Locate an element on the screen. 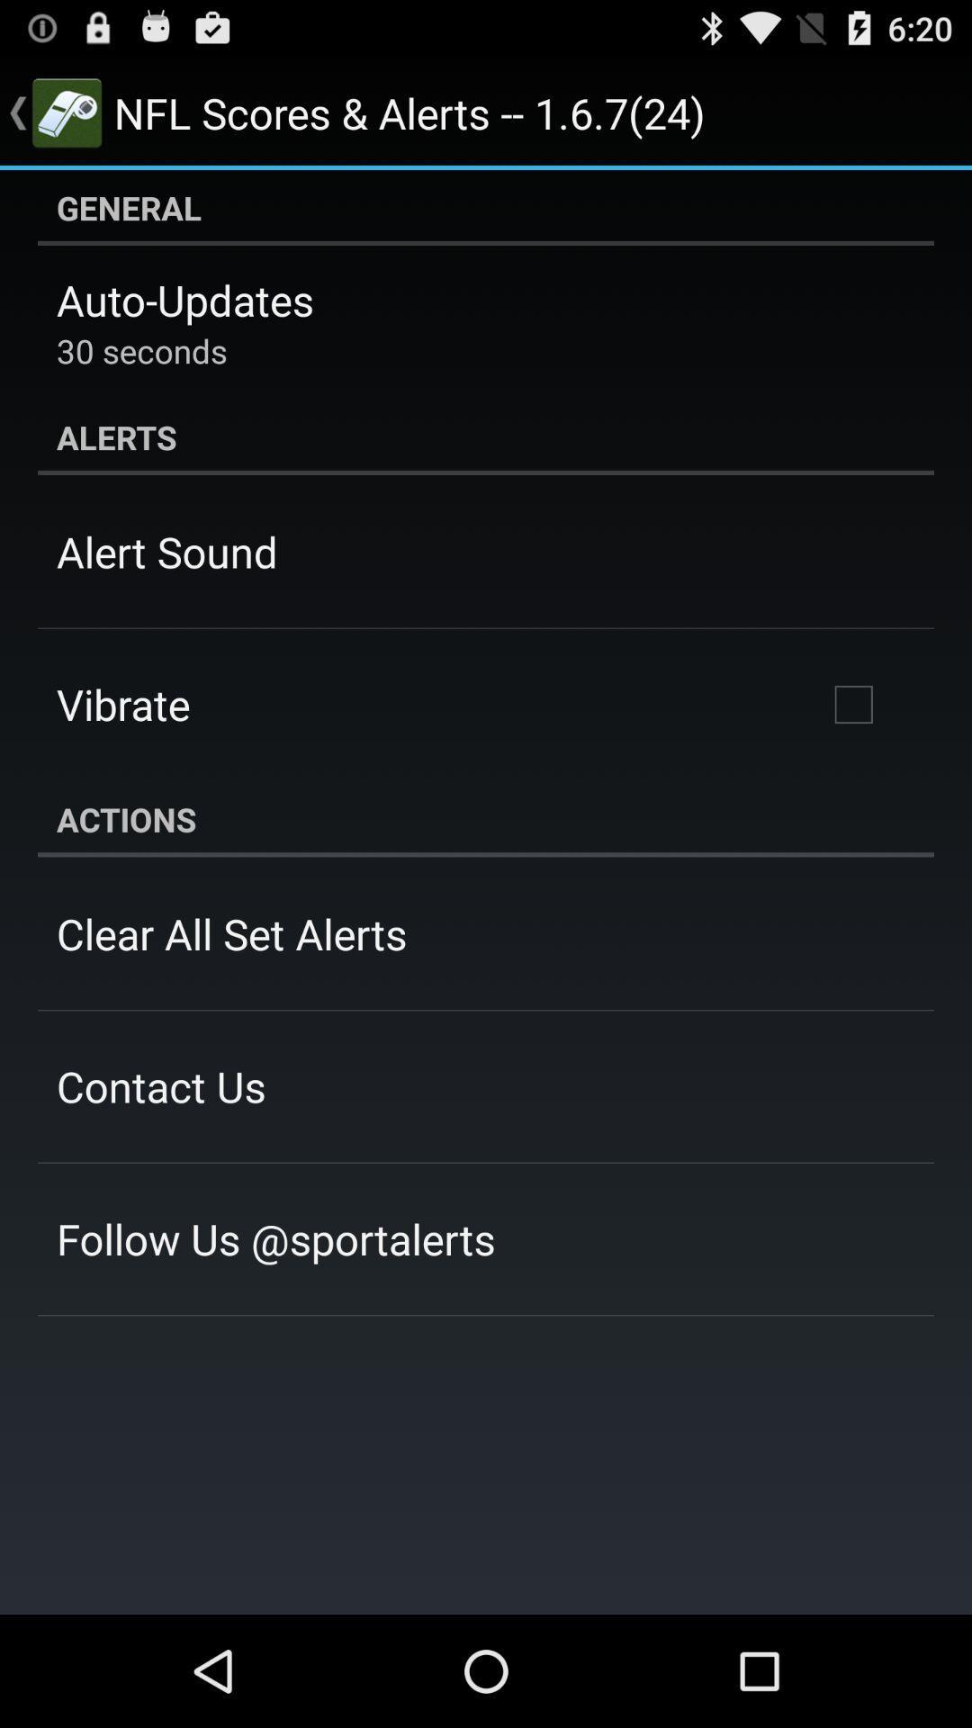  the alert sound is located at coordinates (166, 551).